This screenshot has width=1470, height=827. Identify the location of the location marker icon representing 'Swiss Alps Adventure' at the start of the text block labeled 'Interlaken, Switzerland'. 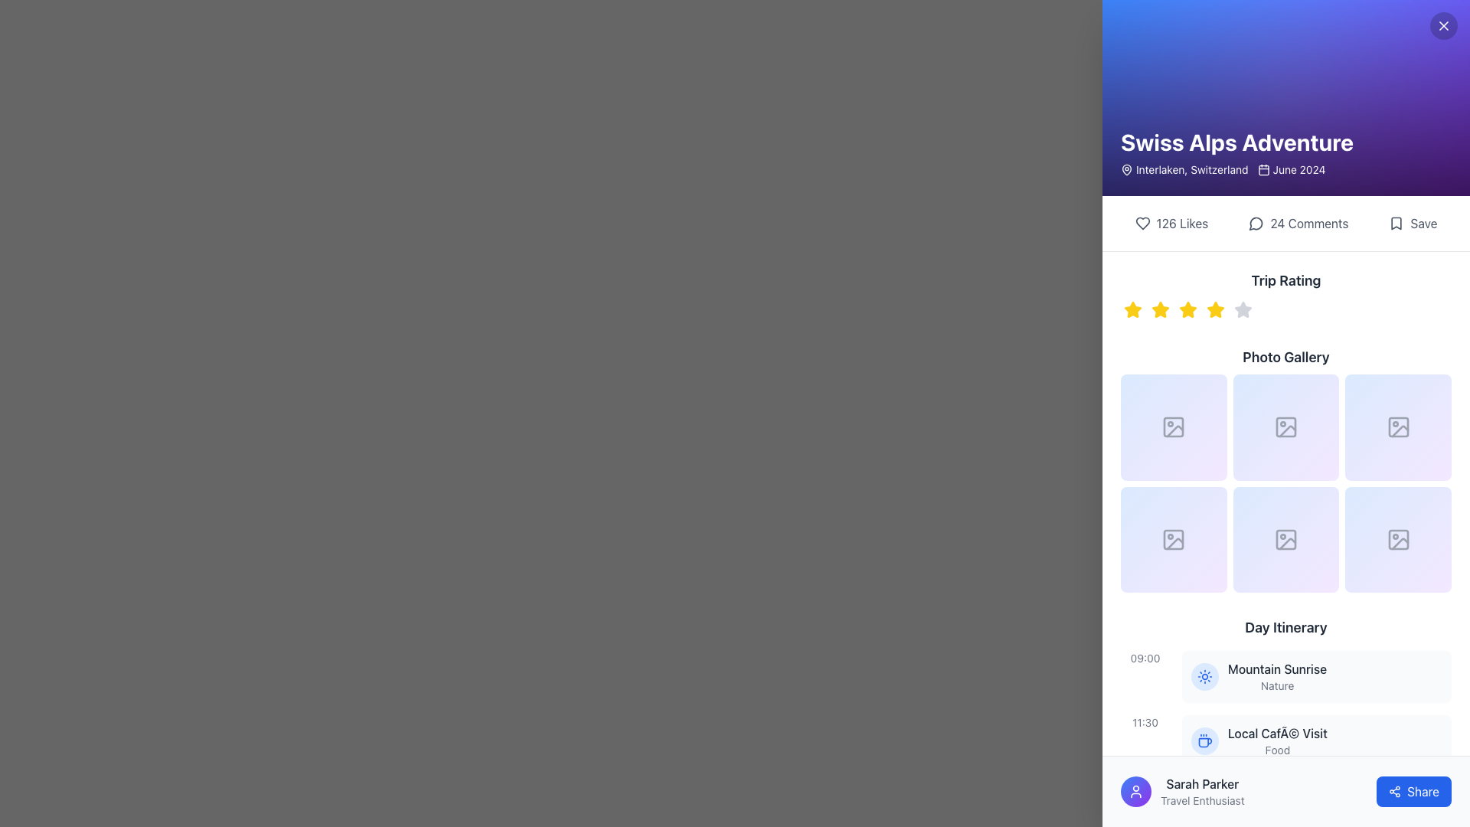
(1127, 170).